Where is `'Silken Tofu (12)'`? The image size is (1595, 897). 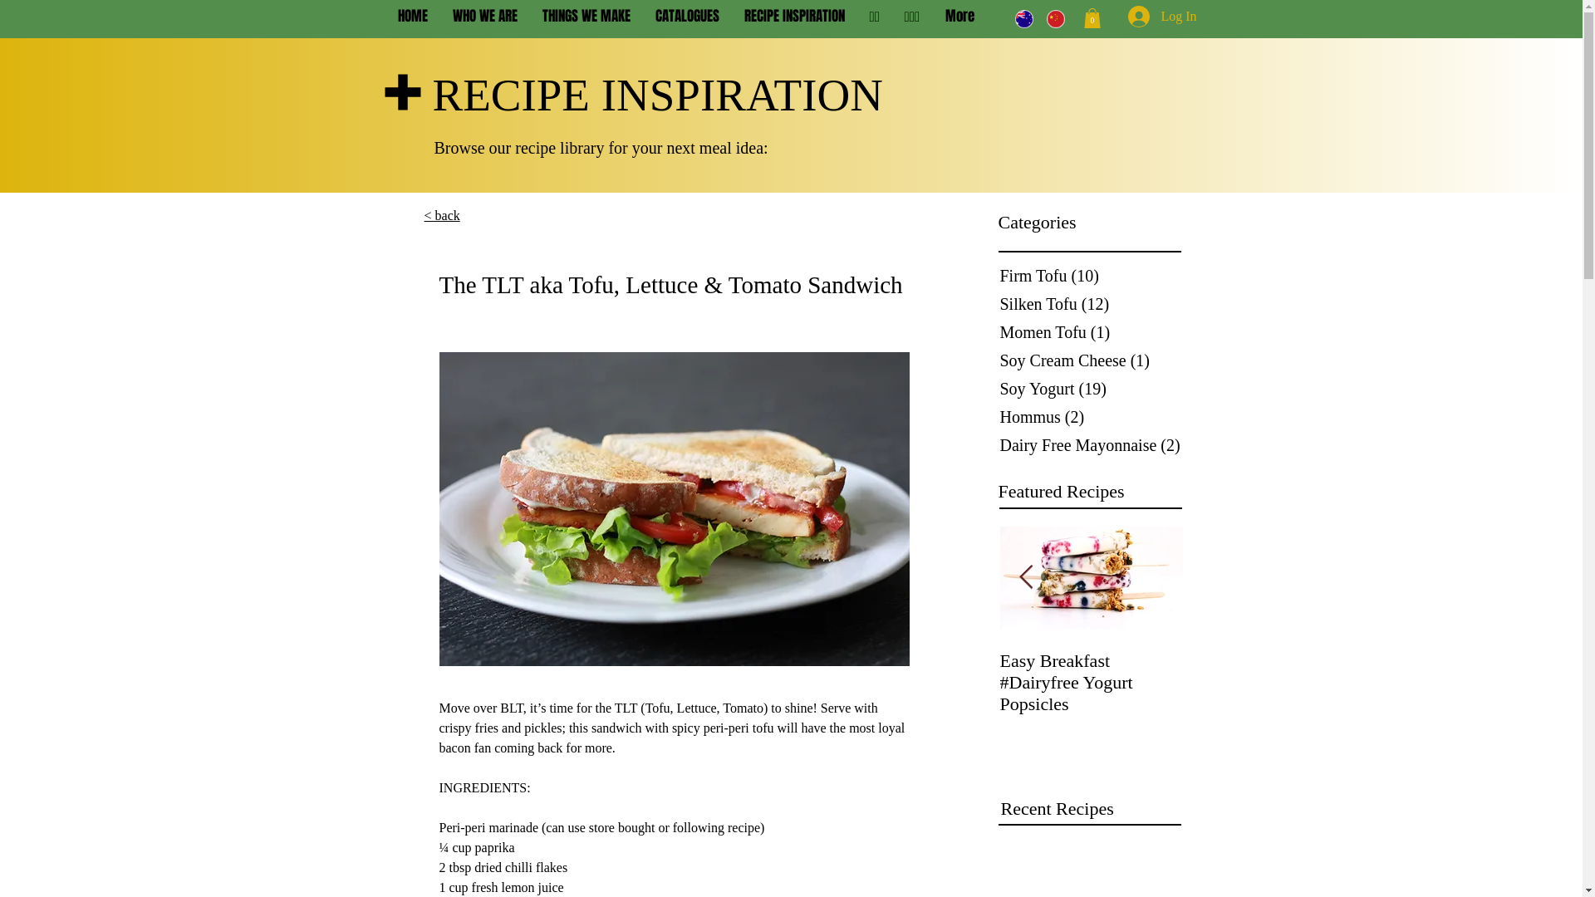 'Silken Tofu (12)' is located at coordinates (1092, 304).